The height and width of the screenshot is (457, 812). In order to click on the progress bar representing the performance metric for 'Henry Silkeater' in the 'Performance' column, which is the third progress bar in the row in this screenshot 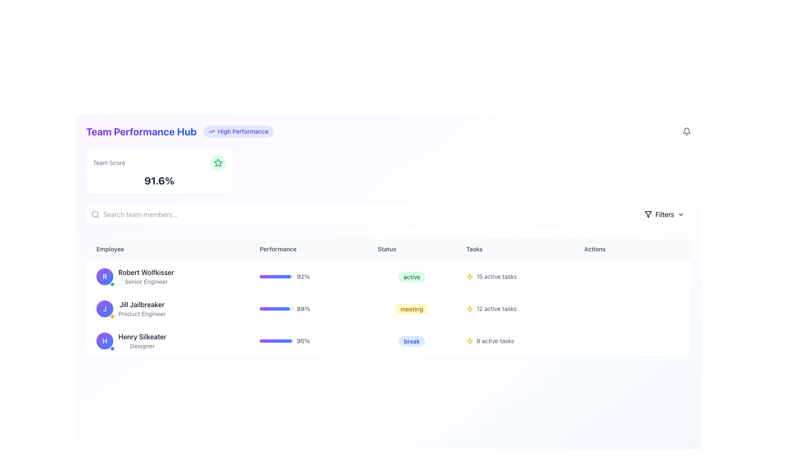, I will do `click(276, 341)`.